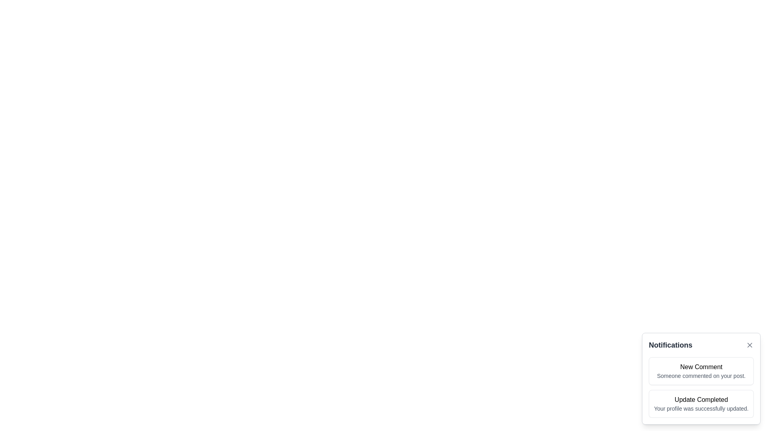  What do you see at coordinates (749, 344) in the screenshot?
I see `the close button icon in the top-right corner of the notification panel` at bounding box center [749, 344].